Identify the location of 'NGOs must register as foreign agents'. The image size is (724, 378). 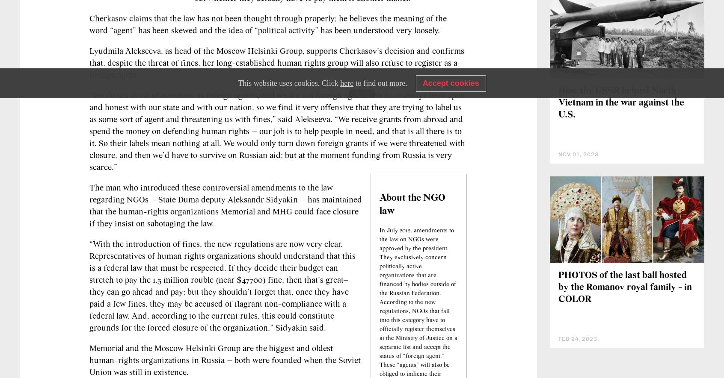
(128, 20).